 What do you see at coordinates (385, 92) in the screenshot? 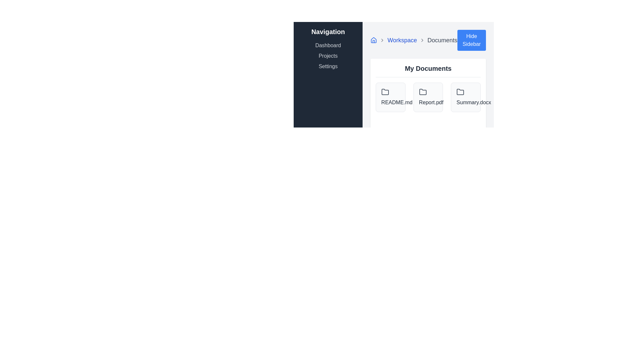
I see `the folder icon, which is a grey rounded-edge outline element representing a traditional file folder, located in the upper portion of the card labeled 'README.md' within the 'My Documents' section` at bounding box center [385, 92].